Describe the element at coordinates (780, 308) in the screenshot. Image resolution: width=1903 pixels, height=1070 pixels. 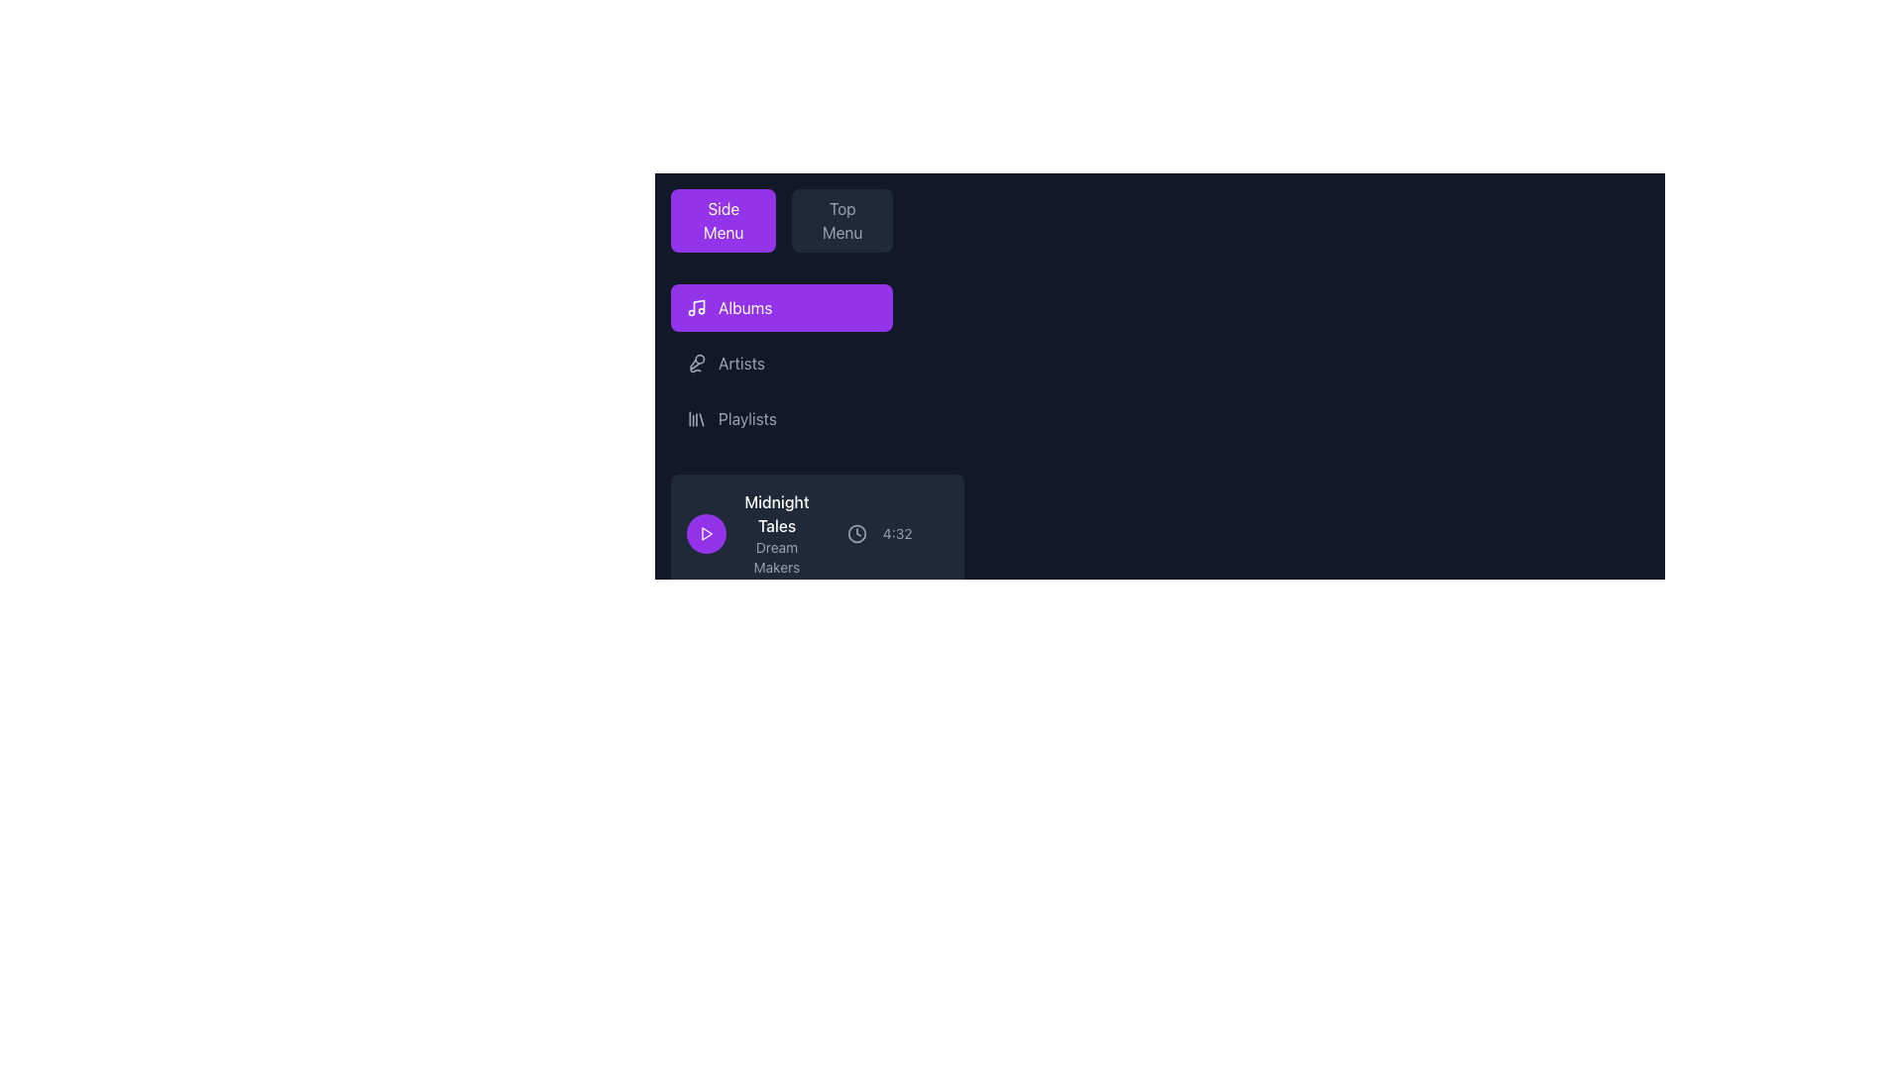
I see `the navigation button for 'Albums'` at that location.